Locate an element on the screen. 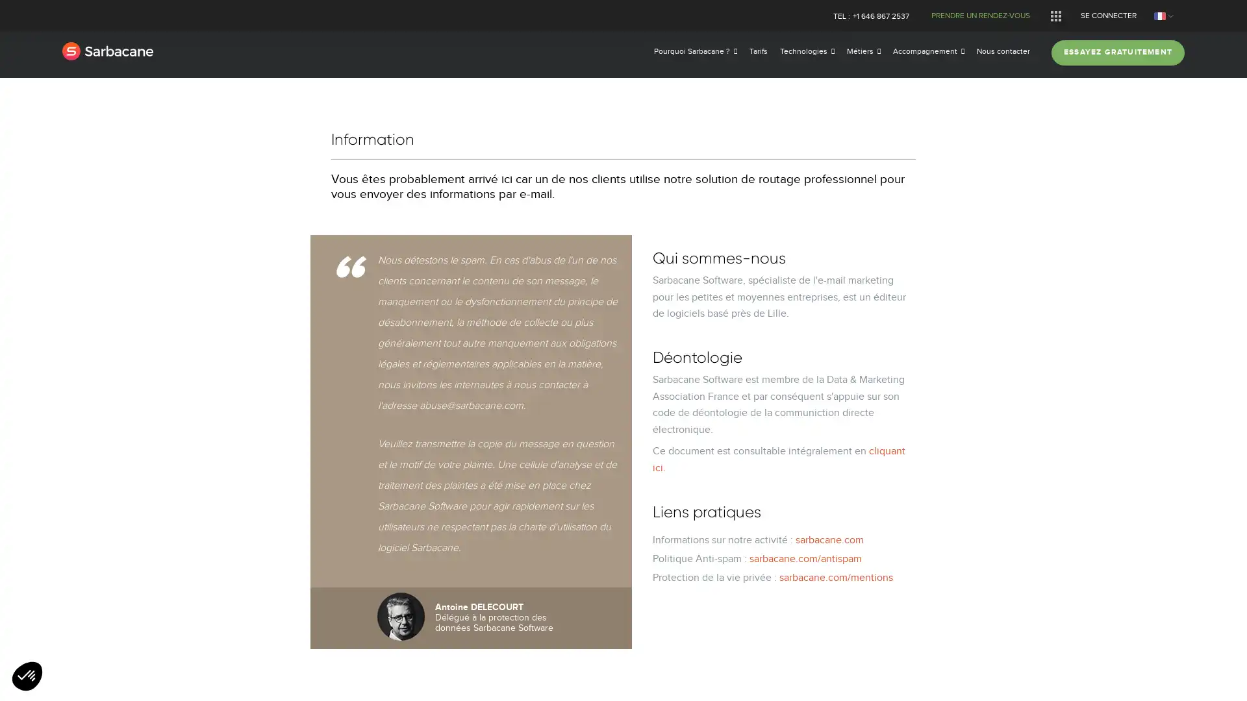 The height and width of the screenshot is (701, 1247). Consentements certifies par is located at coordinates (622, 416).